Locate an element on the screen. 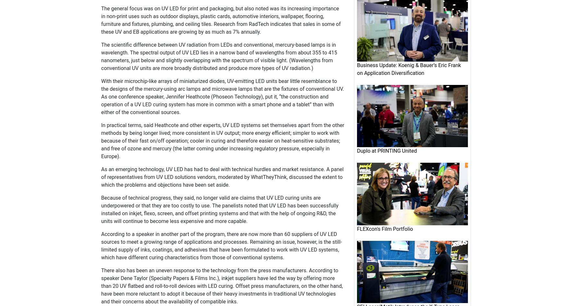  'Business Update: Koenig & Bauer’s Eric Frank on Application Diversification' is located at coordinates (409, 69).